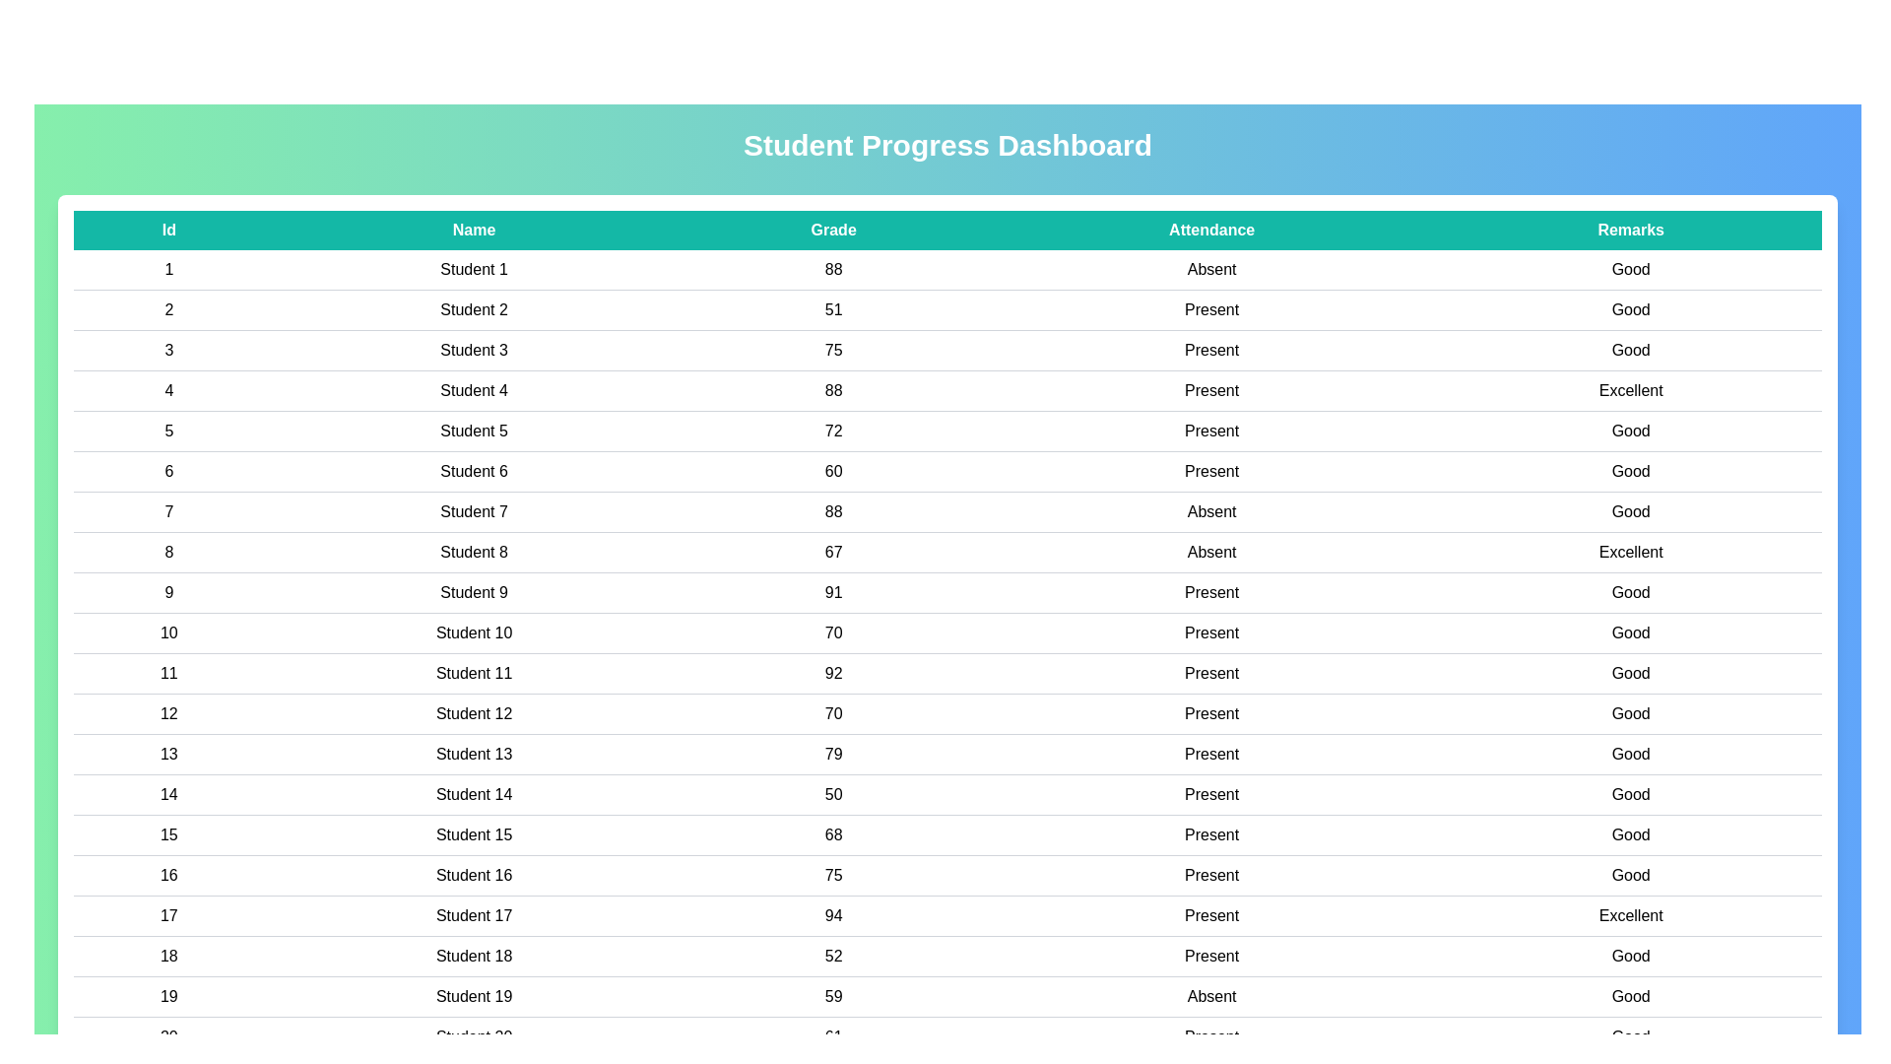  I want to click on the column header Name to sort the table by that column, so click(474, 230).